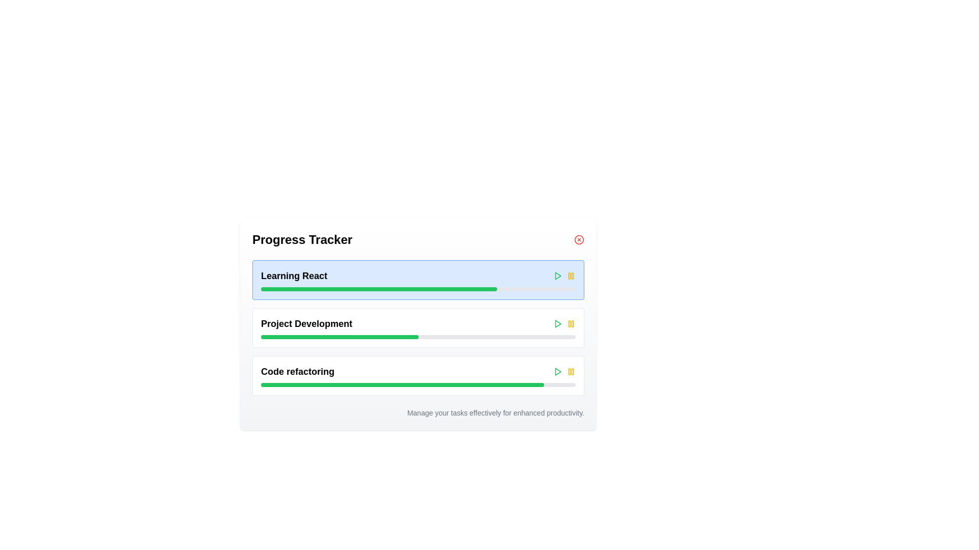  Describe the element at coordinates (306, 324) in the screenshot. I see `the text label displaying 'Project Development', which is the second item in the 'Progress Tracker' list` at that location.